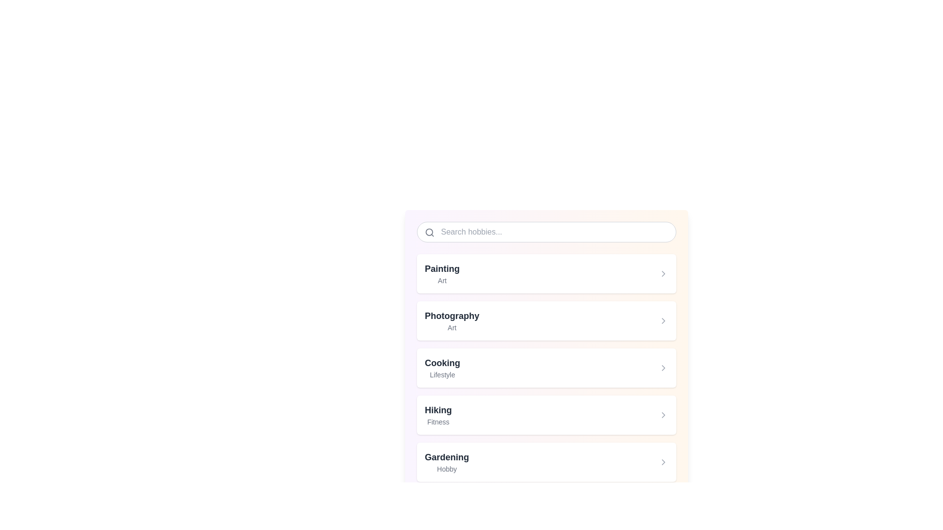 The image size is (943, 530). I want to click on the 'Lifestyle' text display label, which is styled in light gray and located below the 'Cooking' label in the categorized list view, so click(442, 374).